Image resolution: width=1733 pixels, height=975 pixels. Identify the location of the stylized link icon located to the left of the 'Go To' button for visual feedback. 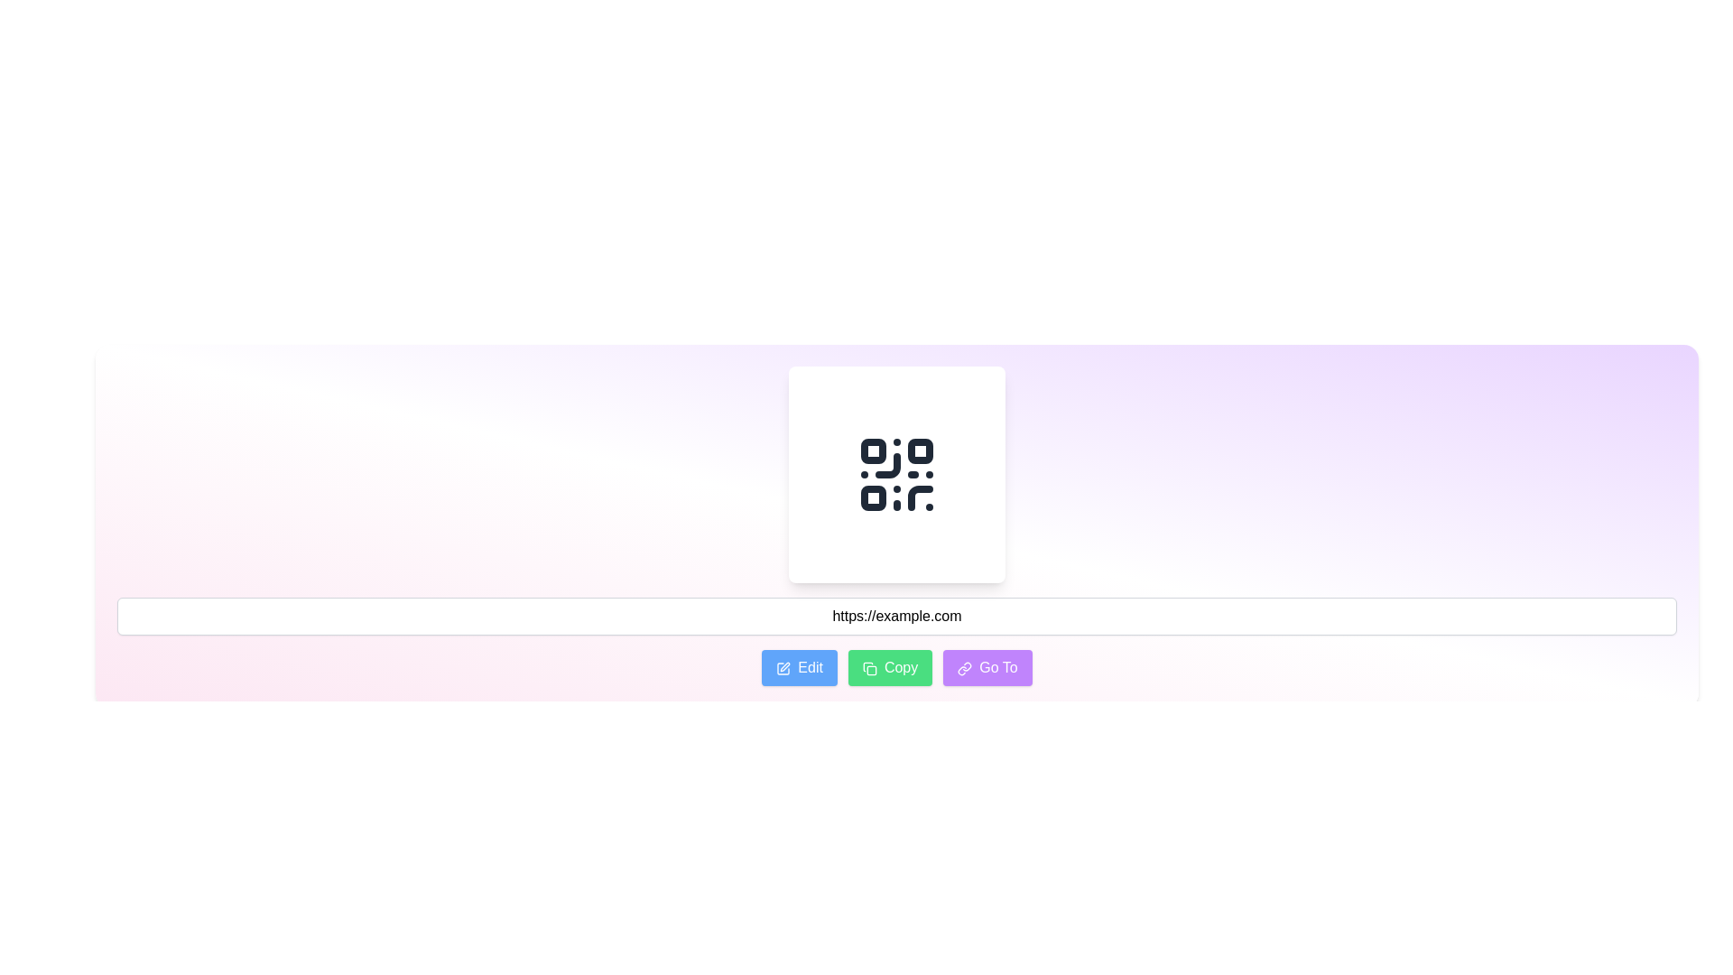
(964, 668).